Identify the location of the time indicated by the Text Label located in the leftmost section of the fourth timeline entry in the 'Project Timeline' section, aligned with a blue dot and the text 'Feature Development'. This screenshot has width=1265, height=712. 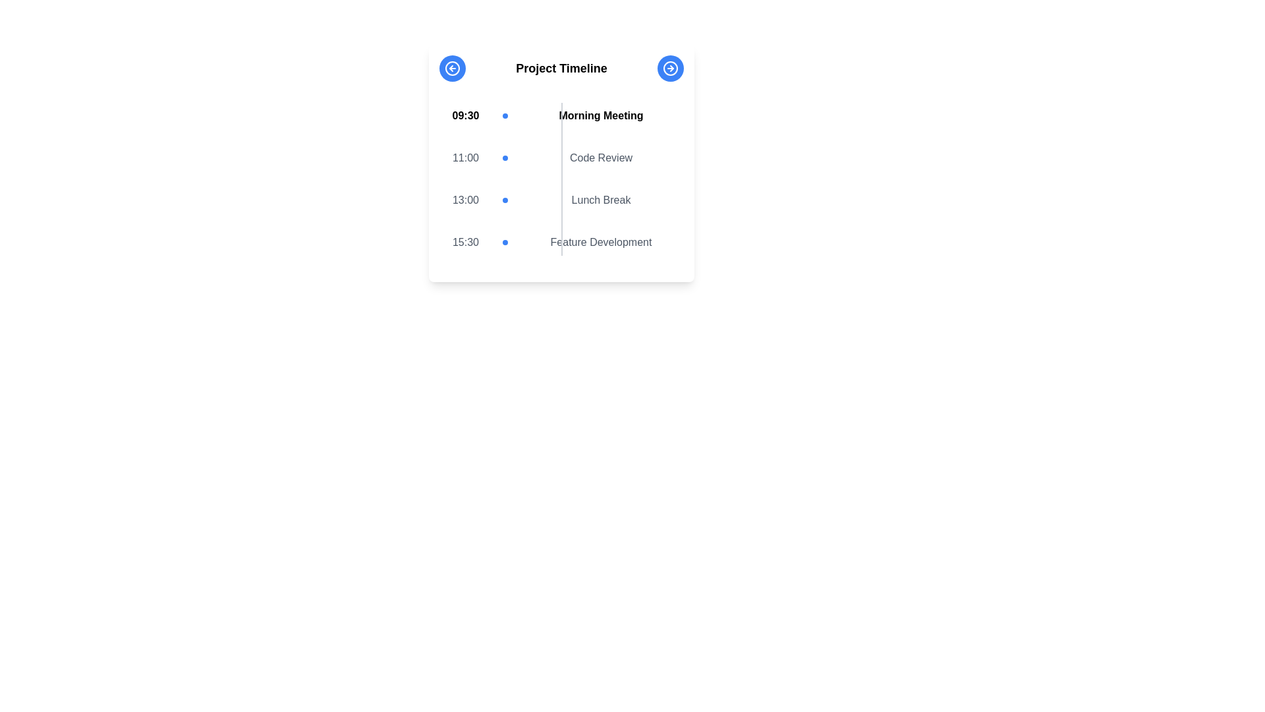
(465, 242).